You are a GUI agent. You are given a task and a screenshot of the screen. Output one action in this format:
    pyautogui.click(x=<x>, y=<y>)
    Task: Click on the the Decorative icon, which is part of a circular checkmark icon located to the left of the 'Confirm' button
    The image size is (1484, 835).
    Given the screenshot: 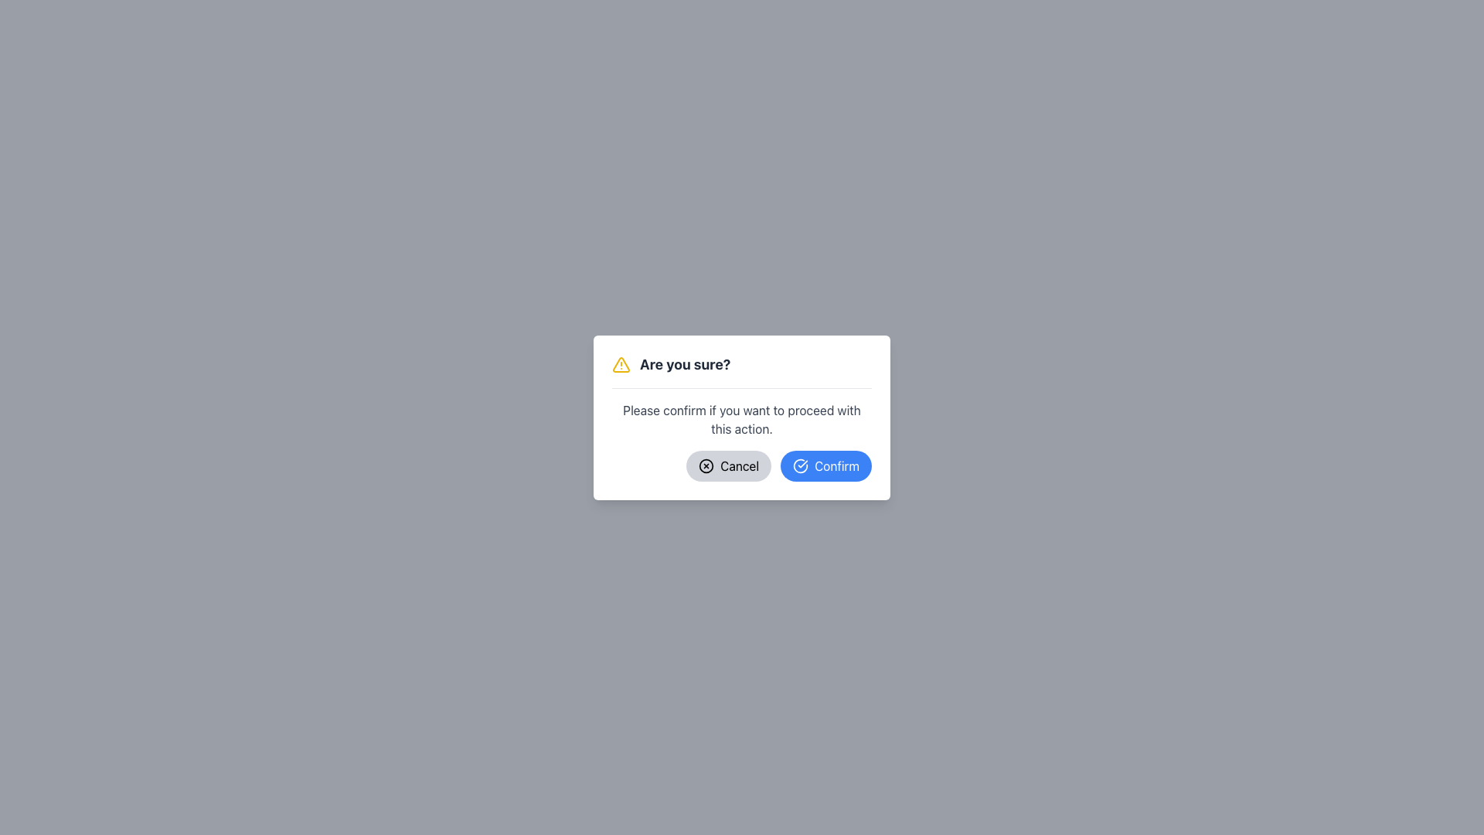 What is the action you would take?
    pyautogui.click(x=801, y=465)
    